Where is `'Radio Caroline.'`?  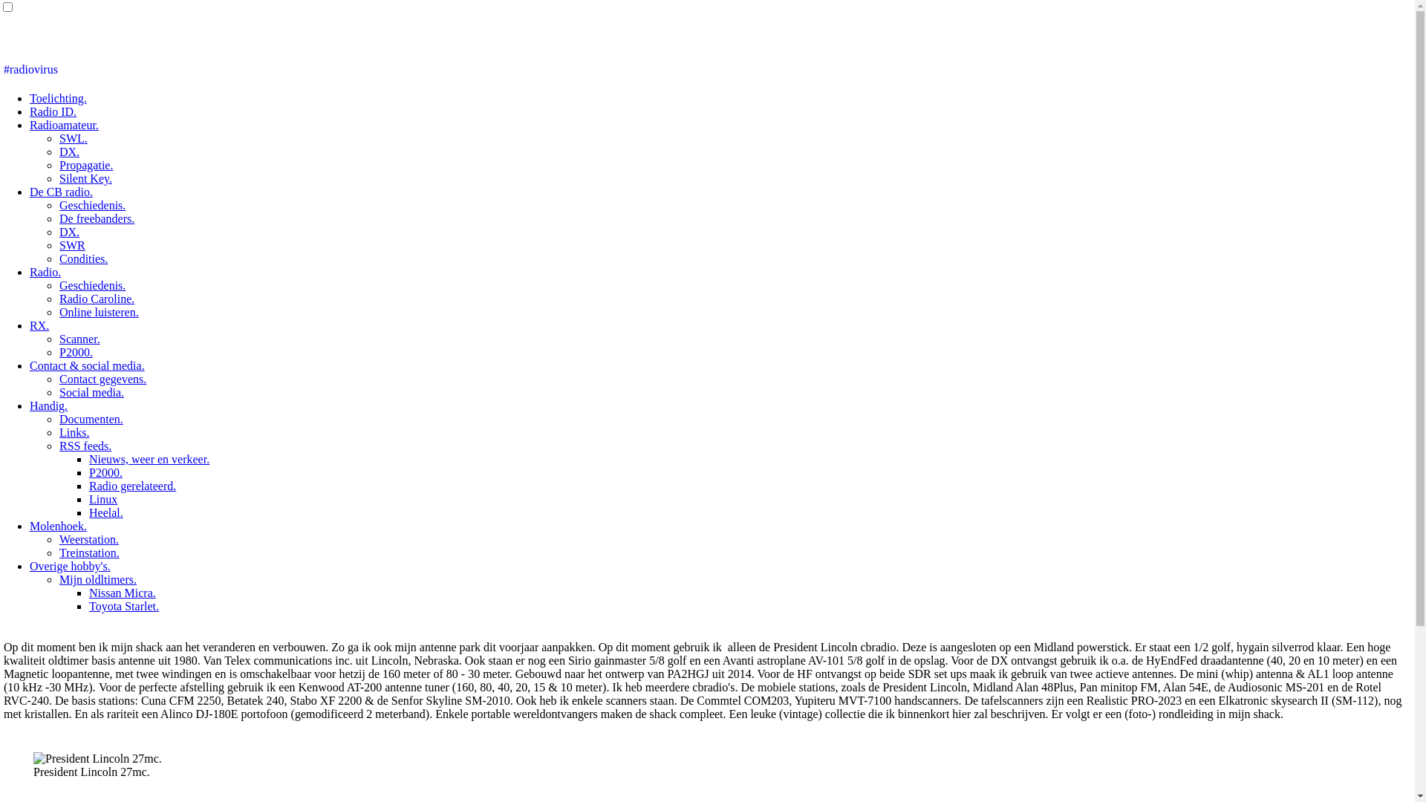
'Radio Caroline.' is located at coordinates (96, 299).